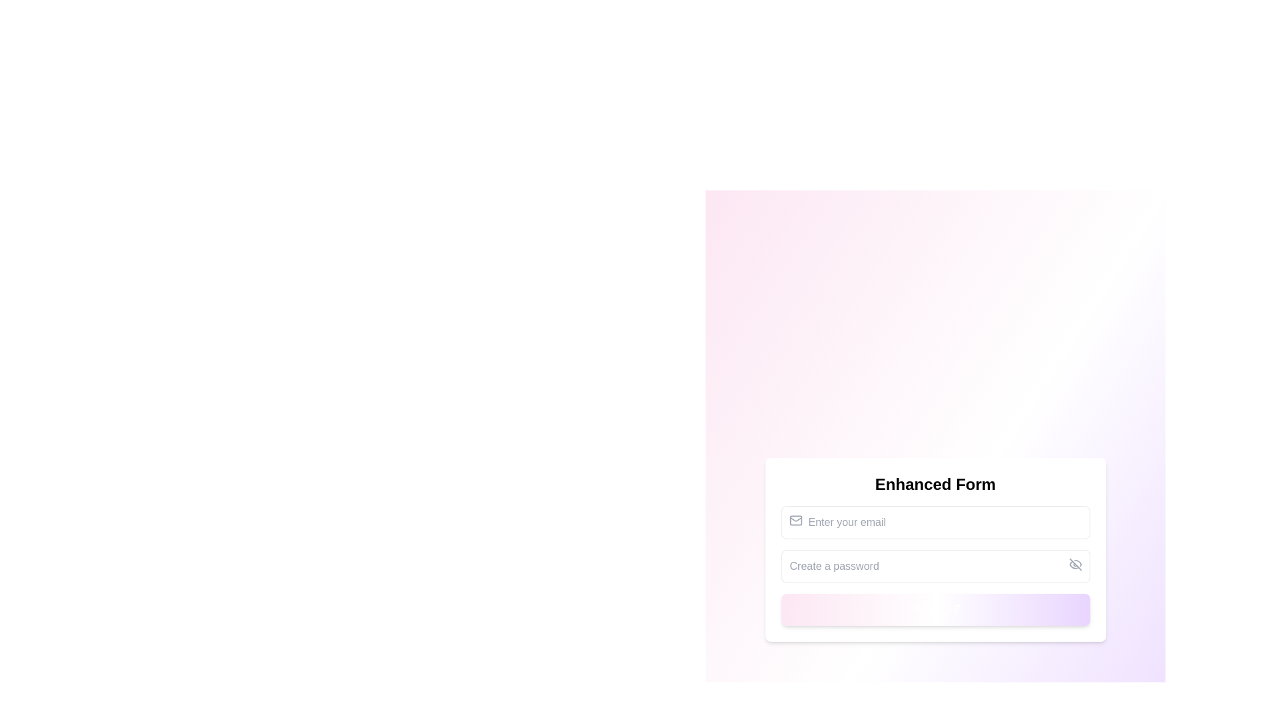  Describe the element at coordinates (1075, 565) in the screenshot. I see `the toggle visibility icon located to the right of the password input field` at that location.